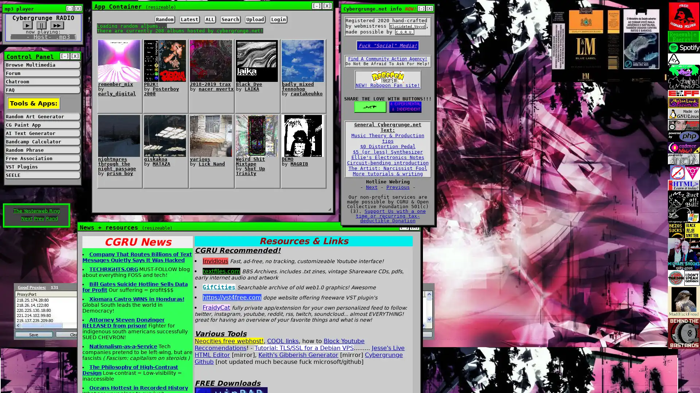 This screenshot has width=700, height=393. I want to click on Forum, so click(42, 73).